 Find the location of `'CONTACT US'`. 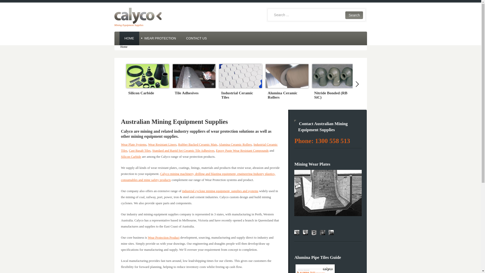

'CONTACT US' is located at coordinates (181, 38).